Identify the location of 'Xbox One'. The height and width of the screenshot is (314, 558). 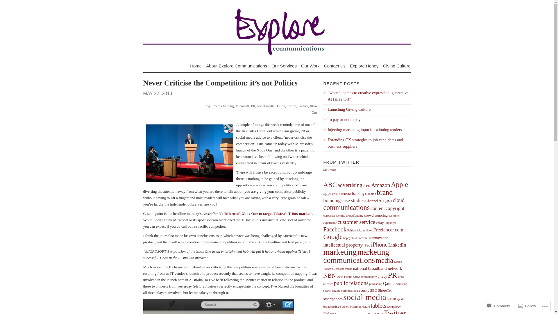
(313, 109).